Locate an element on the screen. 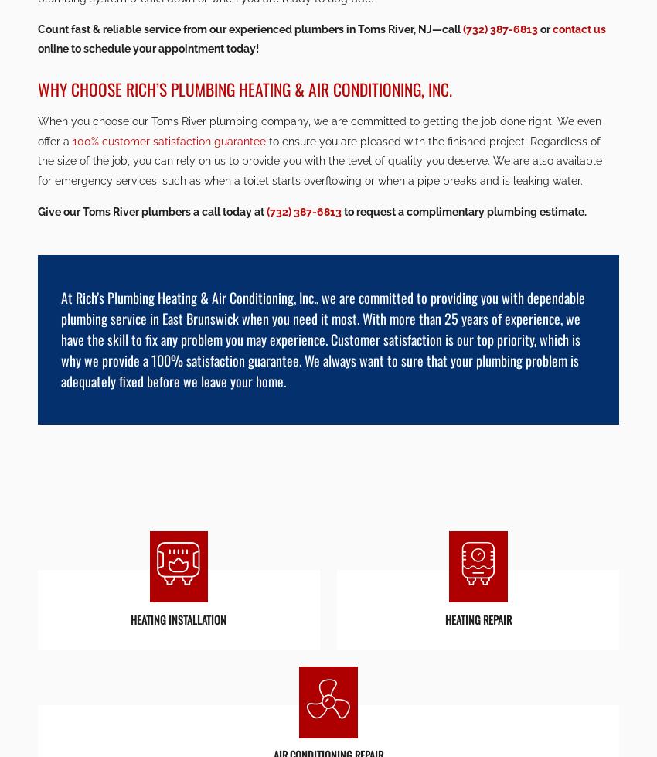 The width and height of the screenshot is (657, 757). 'Heating Installation' is located at coordinates (328, 309).